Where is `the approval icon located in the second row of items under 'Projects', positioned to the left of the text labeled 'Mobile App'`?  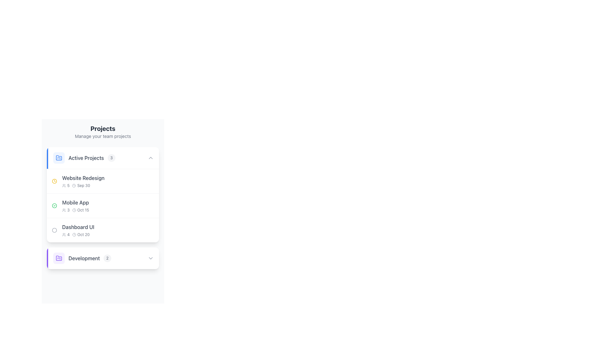 the approval icon located in the second row of items under 'Projects', positioned to the left of the text labeled 'Mobile App' is located at coordinates (55, 205).